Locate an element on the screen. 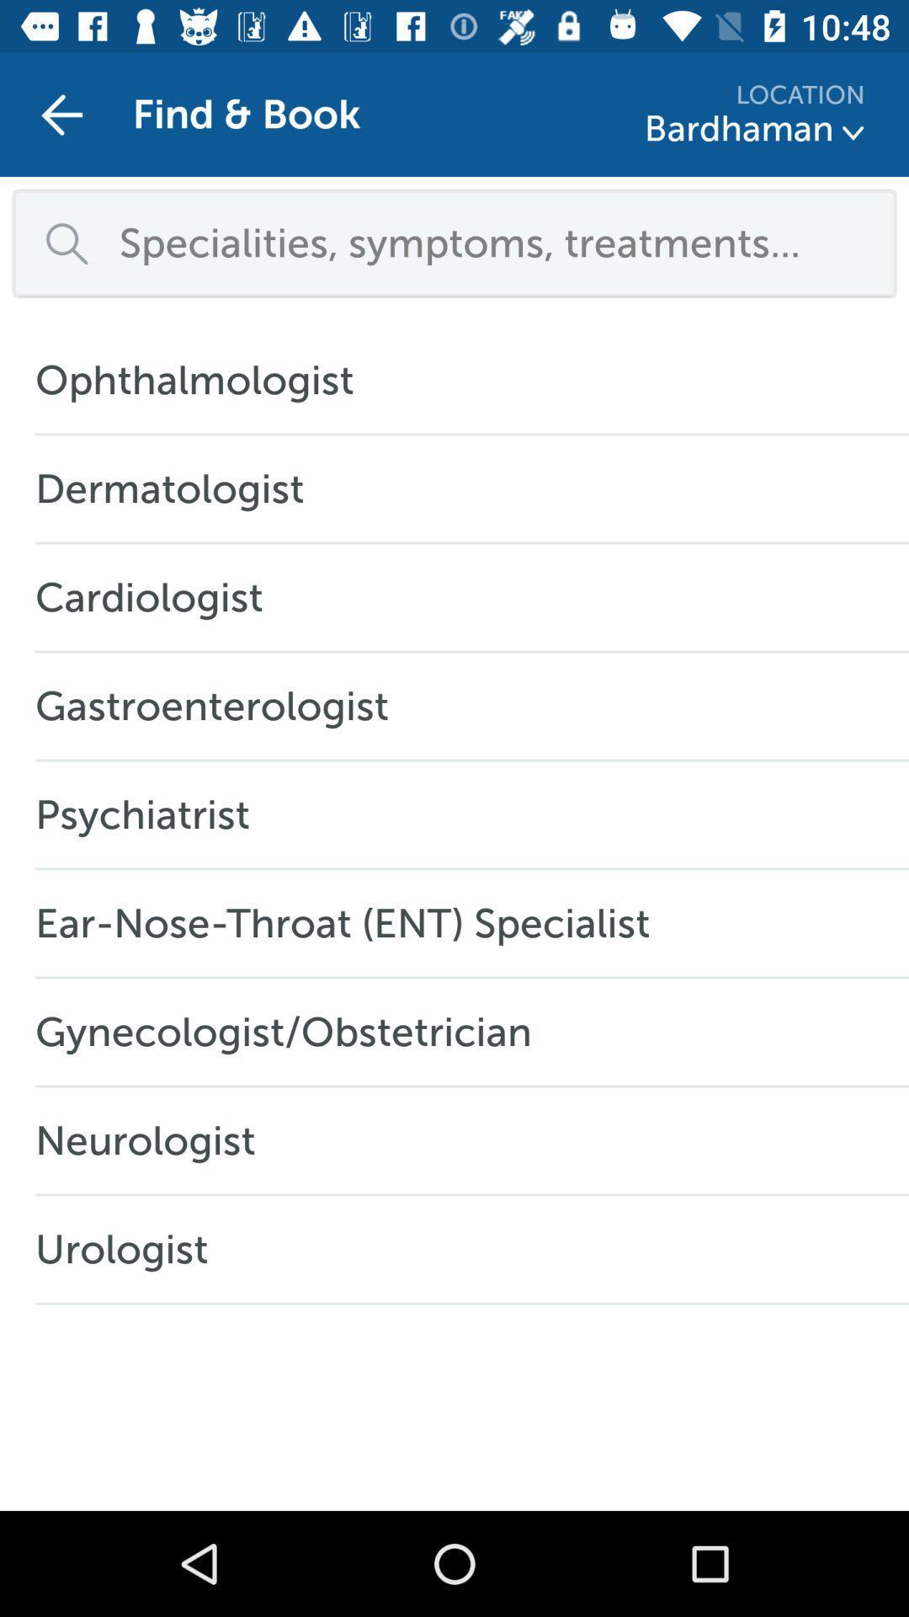 The height and width of the screenshot is (1617, 909). item below the gynecologist/obstetrician item is located at coordinates (154, 1140).